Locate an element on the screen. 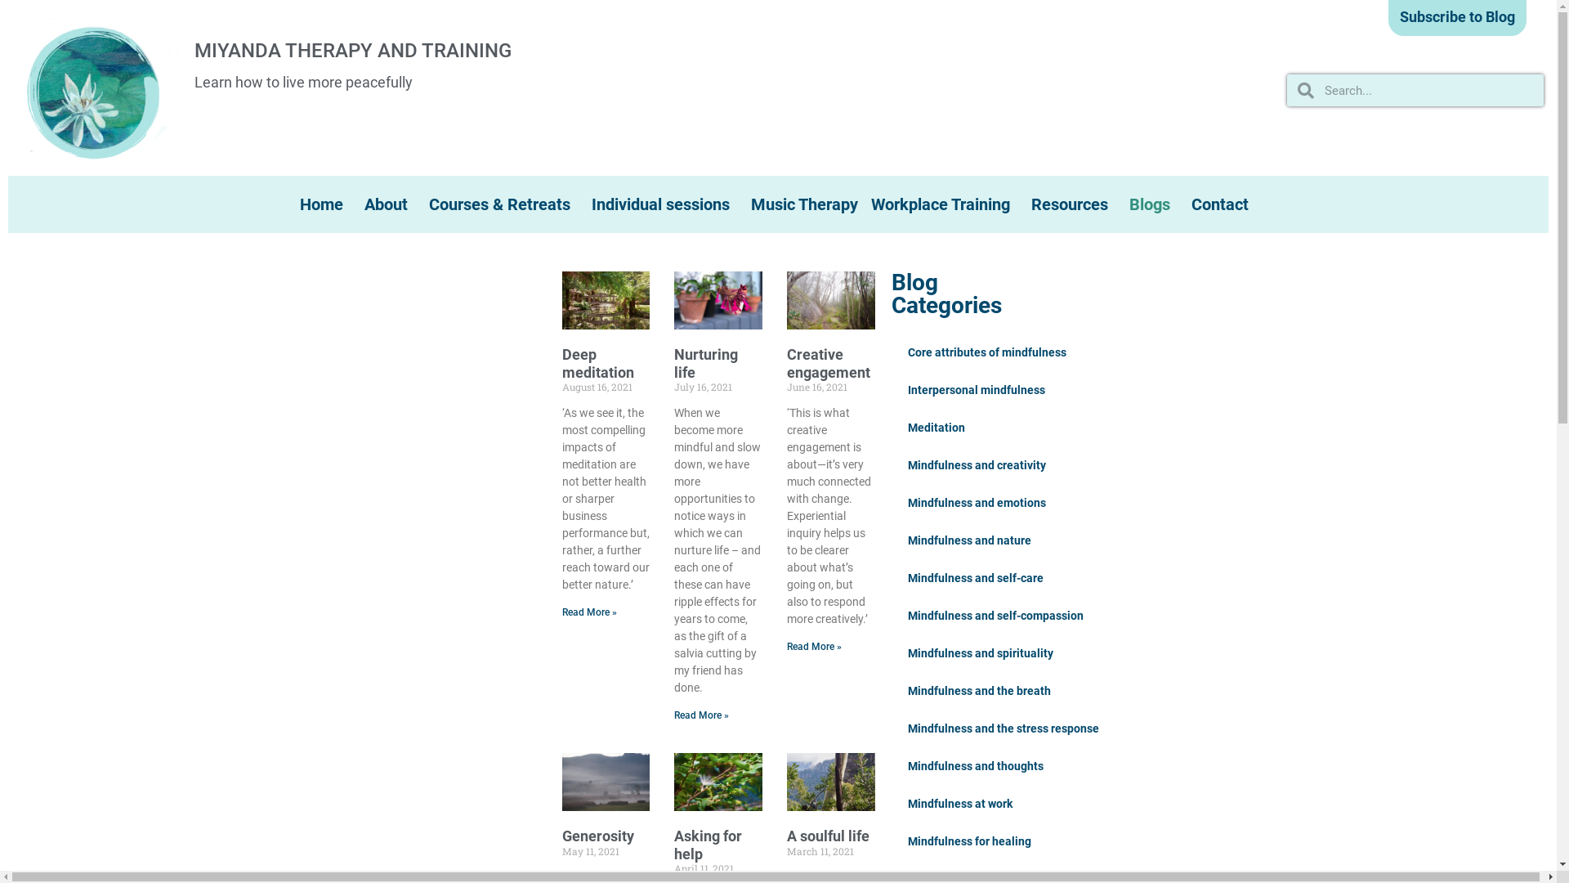 The width and height of the screenshot is (1569, 883). 'Mindfulness for healing' is located at coordinates (890, 841).